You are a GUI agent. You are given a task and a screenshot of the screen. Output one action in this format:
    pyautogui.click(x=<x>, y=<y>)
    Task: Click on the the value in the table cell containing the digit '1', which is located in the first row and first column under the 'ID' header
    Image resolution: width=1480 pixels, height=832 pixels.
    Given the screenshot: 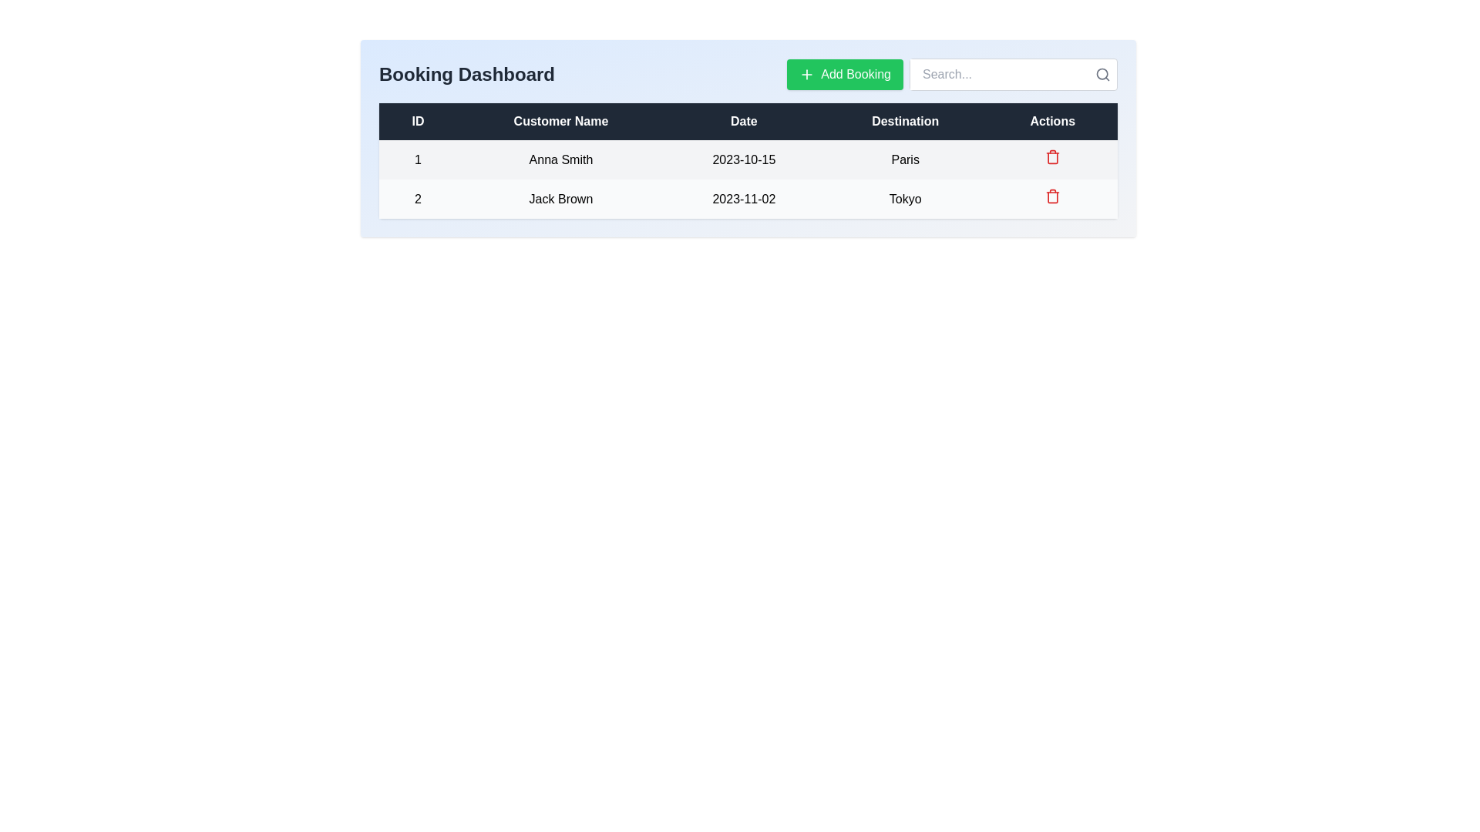 What is the action you would take?
    pyautogui.click(x=418, y=159)
    